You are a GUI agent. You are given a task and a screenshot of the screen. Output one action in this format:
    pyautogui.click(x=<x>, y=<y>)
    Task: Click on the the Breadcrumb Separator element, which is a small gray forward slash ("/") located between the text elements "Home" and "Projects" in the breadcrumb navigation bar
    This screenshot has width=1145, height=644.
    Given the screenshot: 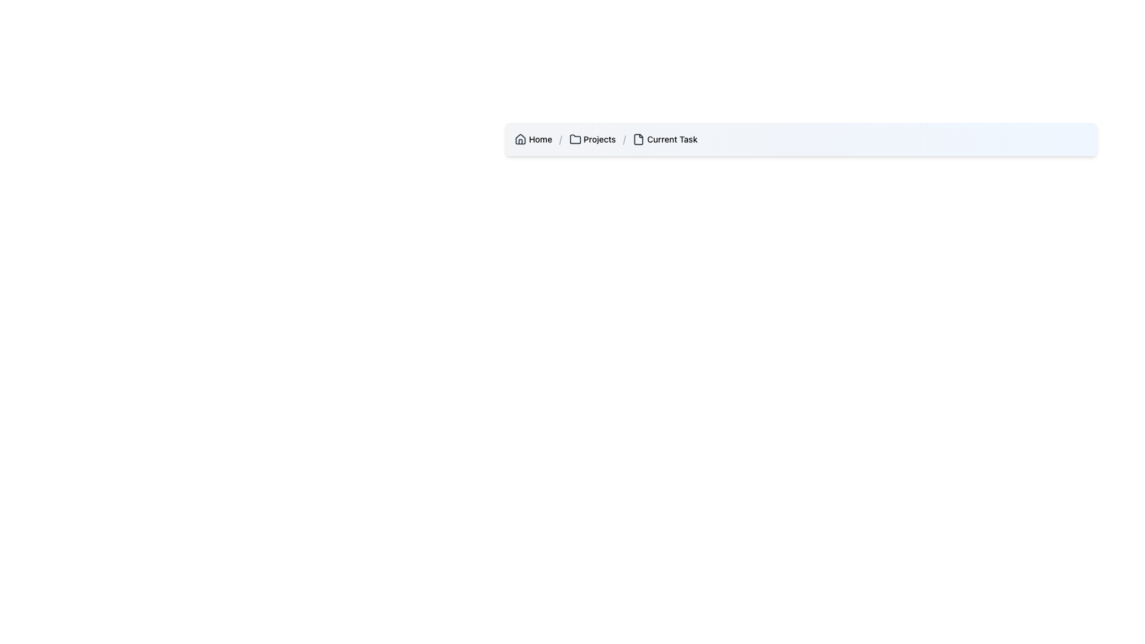 What is the action you would take?
    pyautogui.click(x=560, y=139)
    